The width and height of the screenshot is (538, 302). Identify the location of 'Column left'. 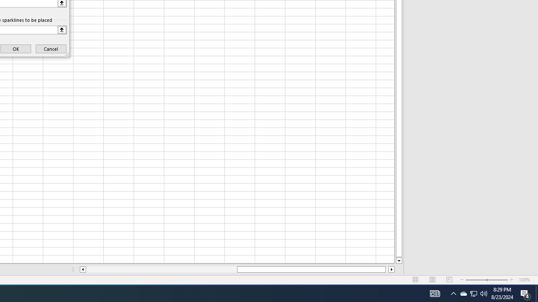
(82, 269).